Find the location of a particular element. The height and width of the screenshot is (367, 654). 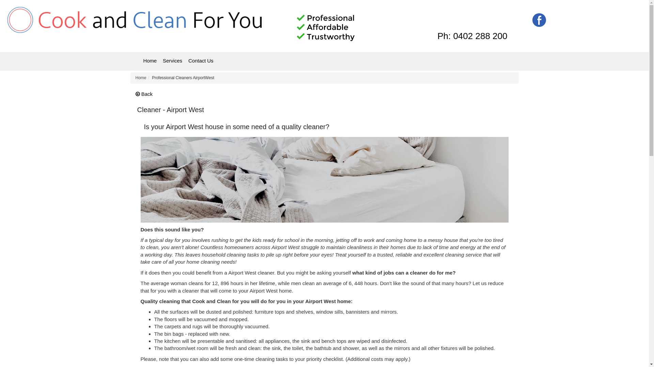

'Contact Us' is located at coordinates (200, 60).